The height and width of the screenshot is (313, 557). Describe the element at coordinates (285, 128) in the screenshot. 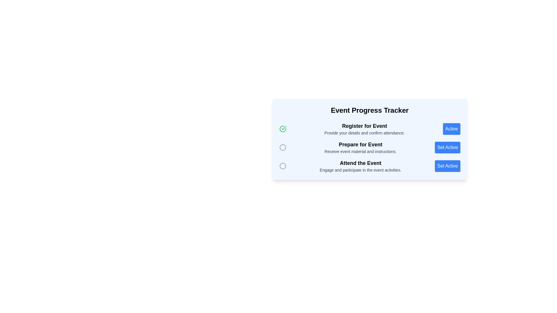

I see `the icon that indicates the completion or current activity of the 'Register for Event' step in the 'Event Progress Tracker' section, located to the left of the corresponding text` at that location.